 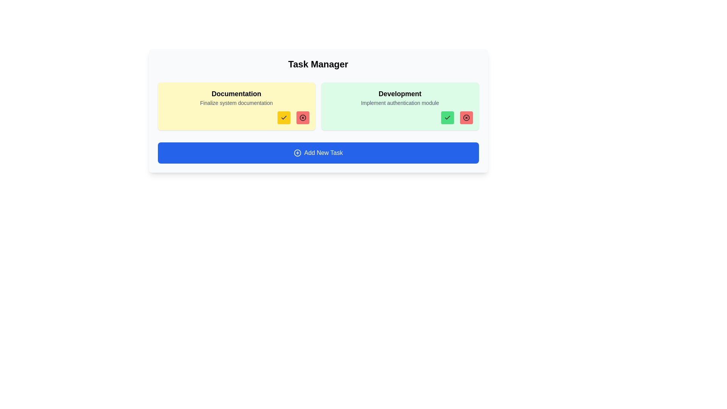 I want to click on the green rounded square button with a checkmark icon to approve the task, so click(x=447, y=118).